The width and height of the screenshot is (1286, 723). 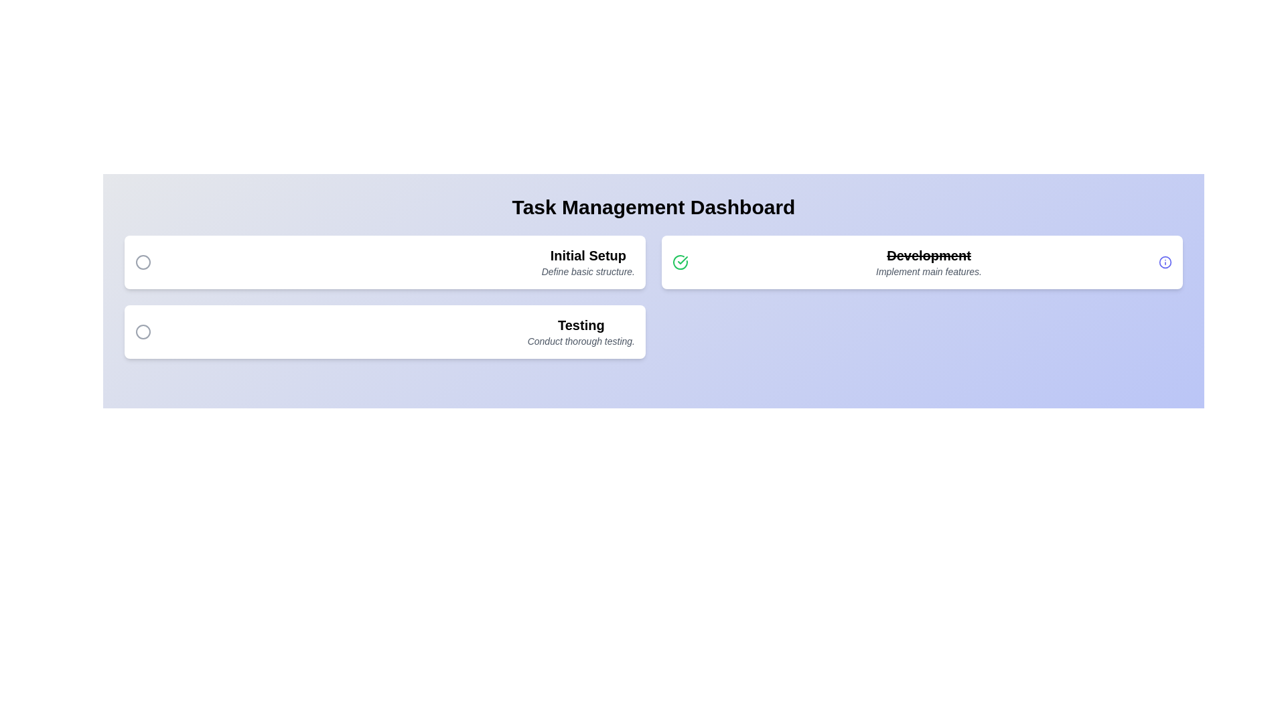 I want to click on the interactive task item Initial Setup to observe the hover effect, so click(x=384, y=262).